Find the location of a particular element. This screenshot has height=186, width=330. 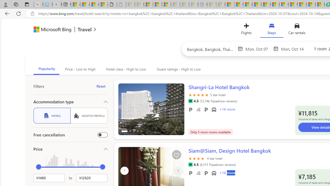

'star rating' is located at coordinates (197, 161).